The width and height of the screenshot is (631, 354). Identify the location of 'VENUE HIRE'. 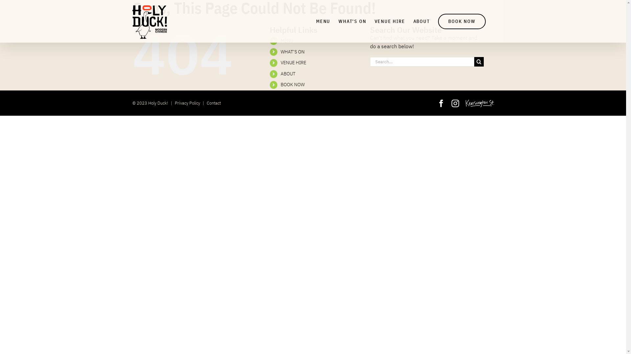
(390, 21).